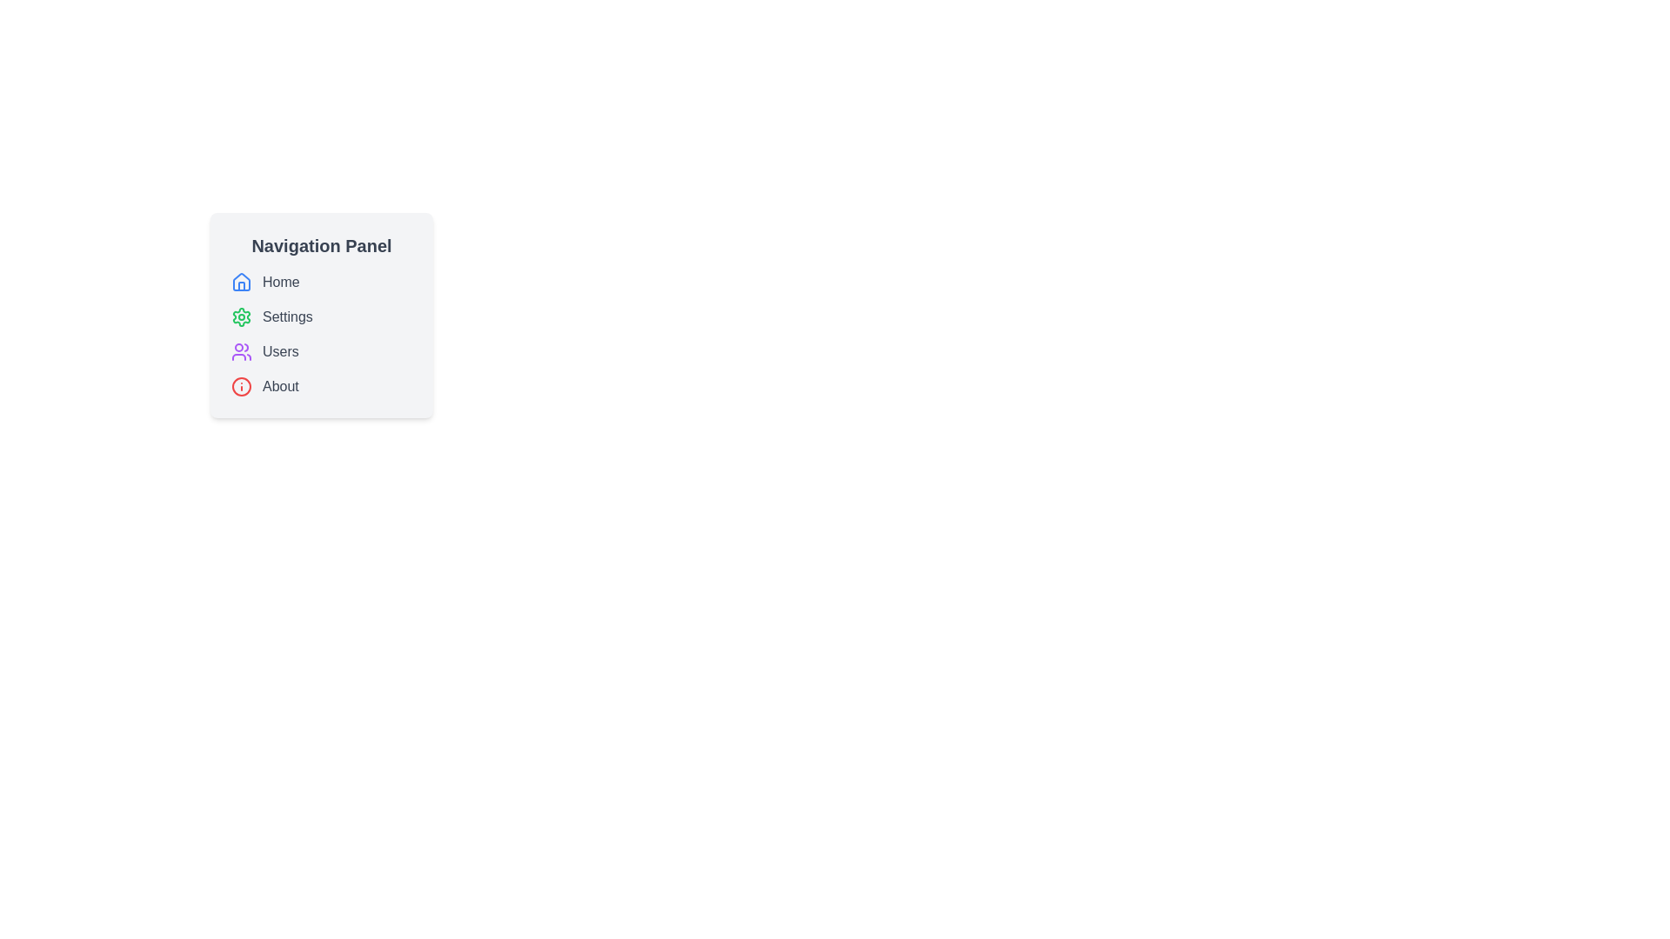 The width and height of the screenshot is (1670, 939). Describe the element at coordinates (281, 281) in the screenshot. I see `text label that displays 'Home', which is styled in gray color and positioned to the right of a blue house icon in the navigation panel` at that location.